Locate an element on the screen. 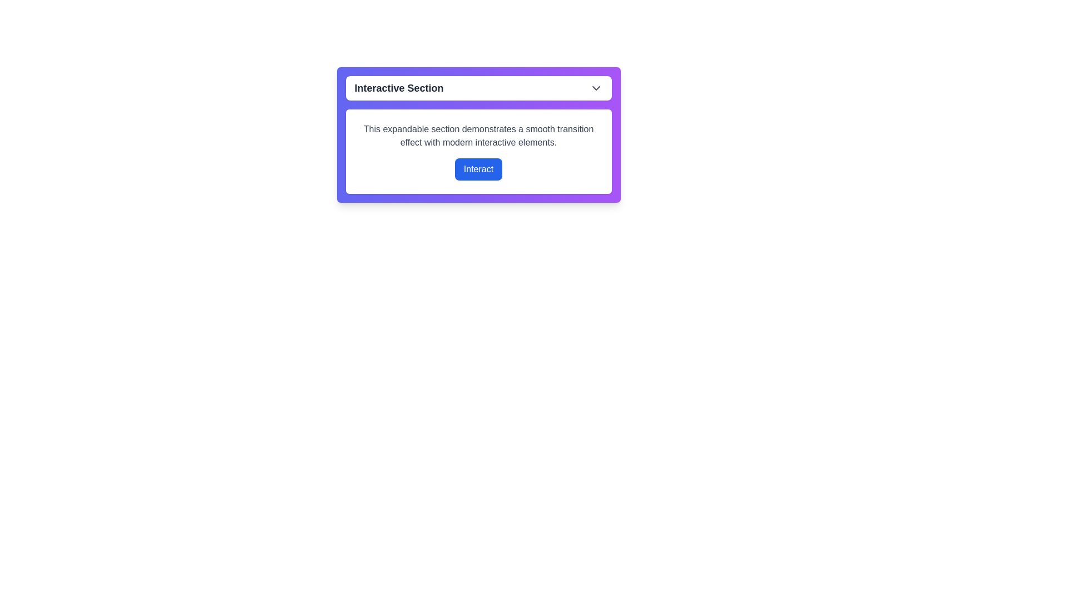  the 'Interact' button located in the Information Panel with a white background, which is the second interactive component beneath the title 'Interactive Section' is located at coordinates (478, 152).